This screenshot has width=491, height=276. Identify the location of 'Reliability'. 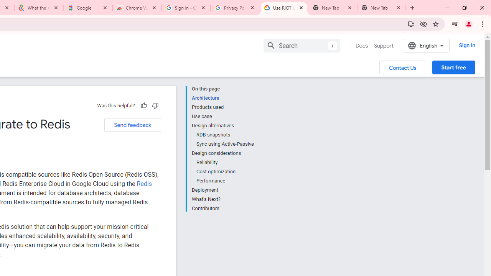
(224, 162).